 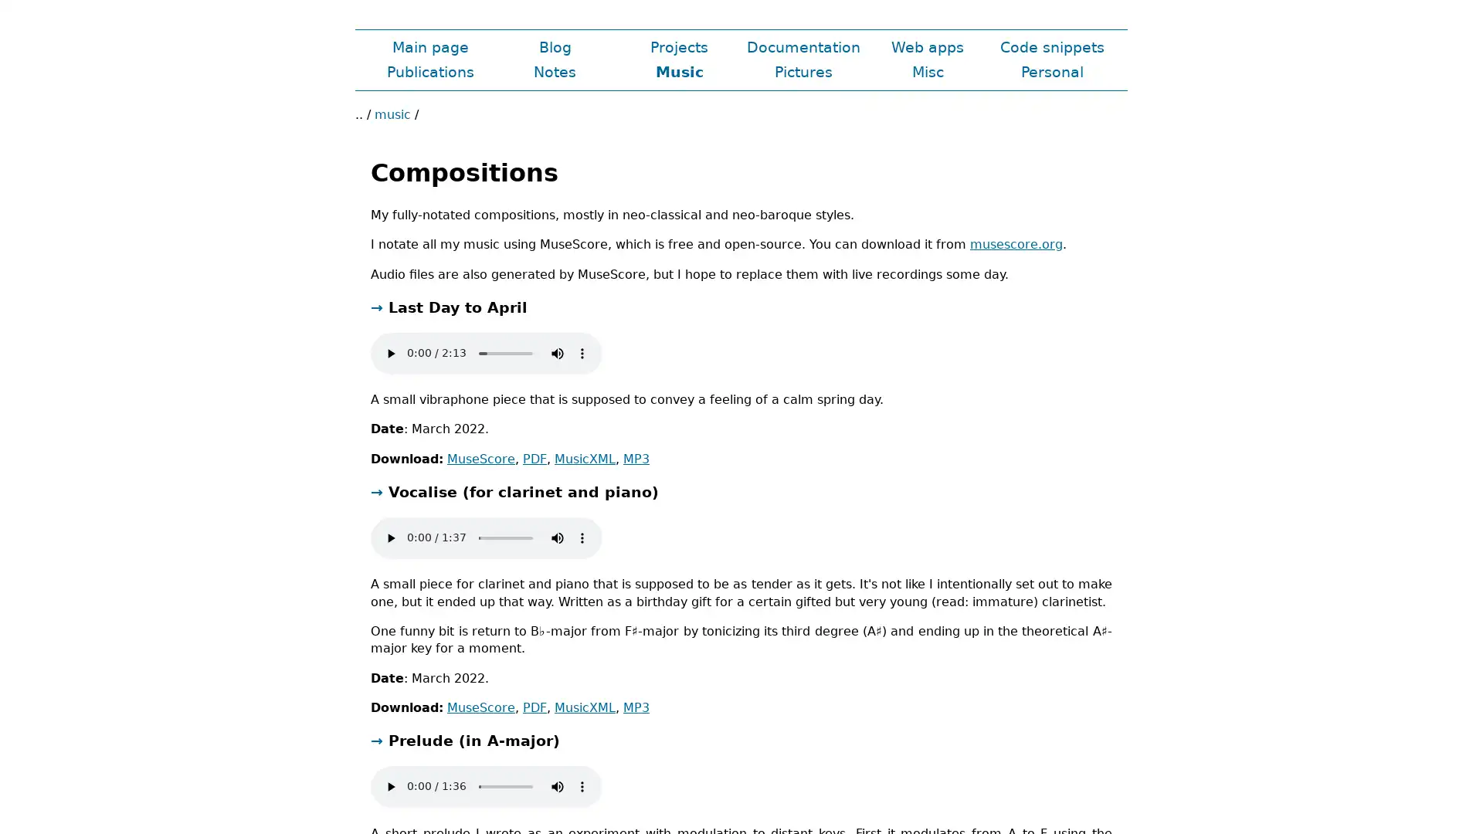 I want to click on show more media controls, so click(x=581, y=786).